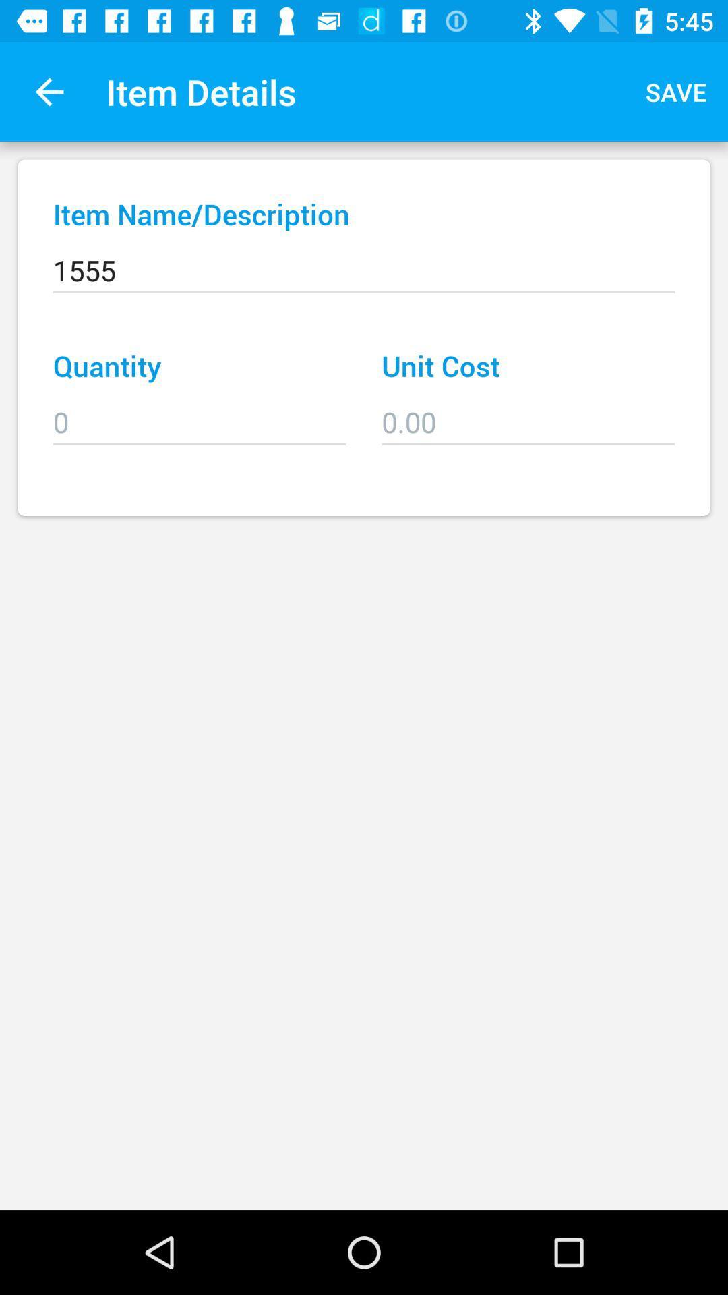 Image resolution: width=728 pixels, height=1295 pixels. What do you see at coordinates (49, 91) in the screenshot?
I see `item to the left of item details app` at bounding box center [49, 91].